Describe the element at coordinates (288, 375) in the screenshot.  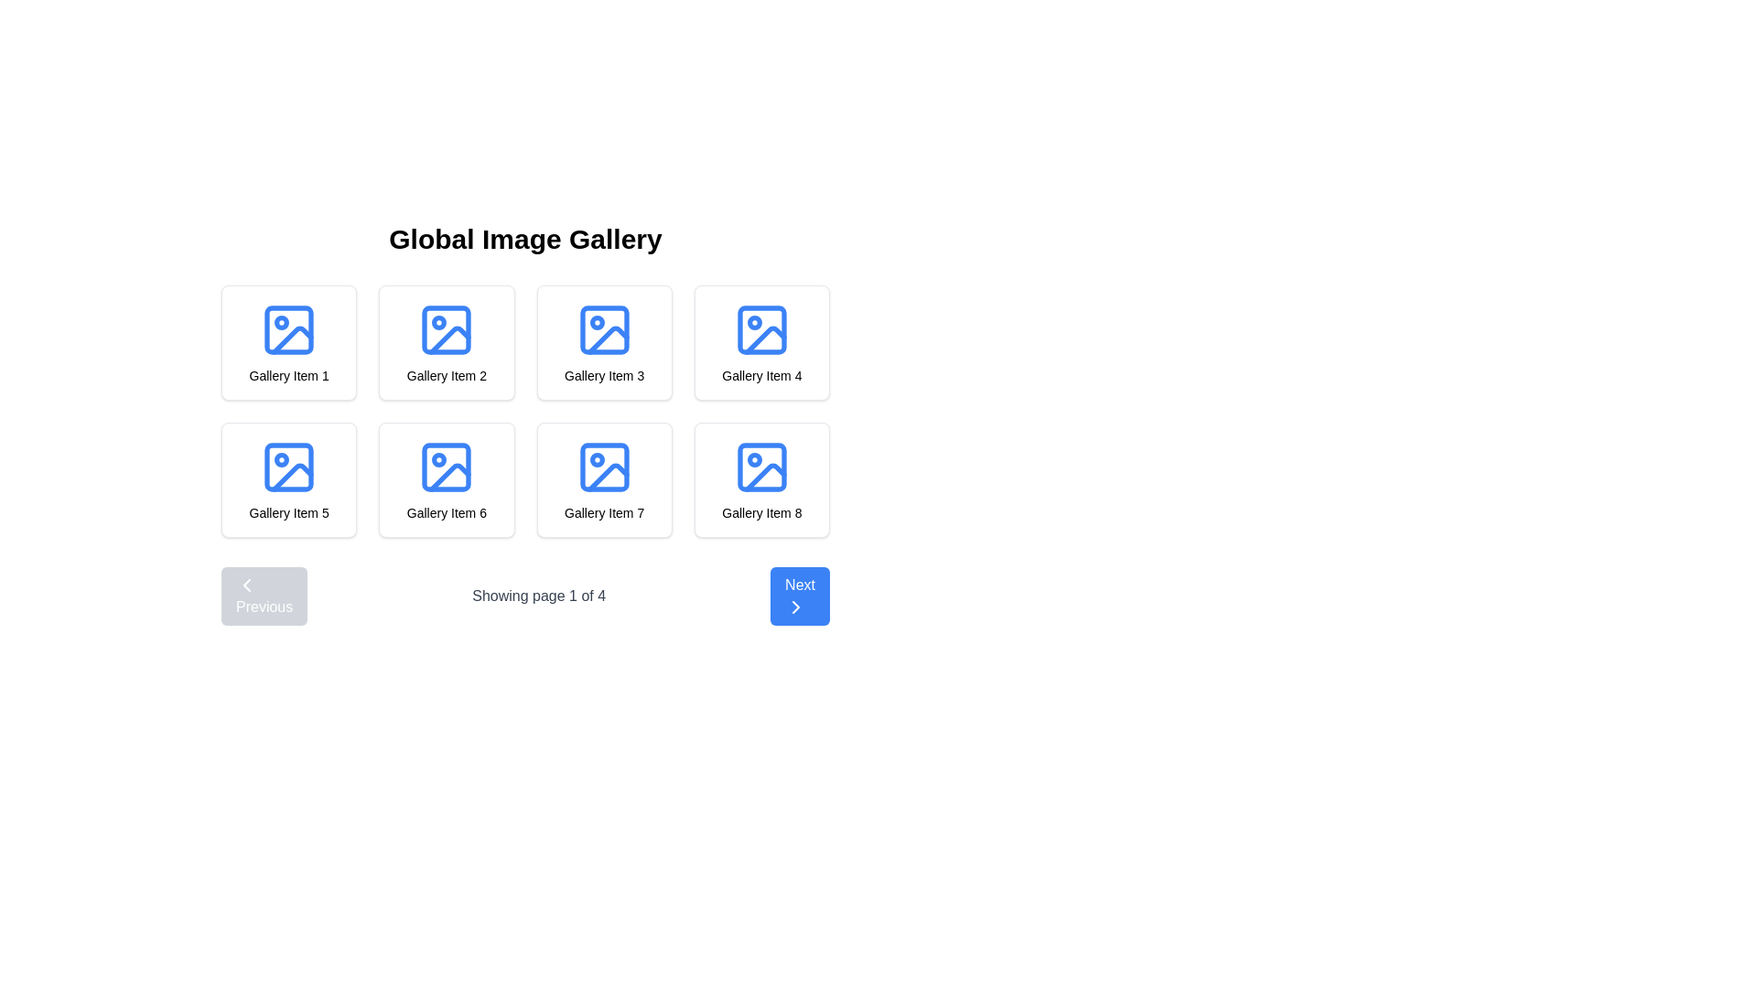
I see `text content of the label that serves as the title or description for the associated gallery image icon, positioned at the bottom of the first item in the gallery grid` at that location.